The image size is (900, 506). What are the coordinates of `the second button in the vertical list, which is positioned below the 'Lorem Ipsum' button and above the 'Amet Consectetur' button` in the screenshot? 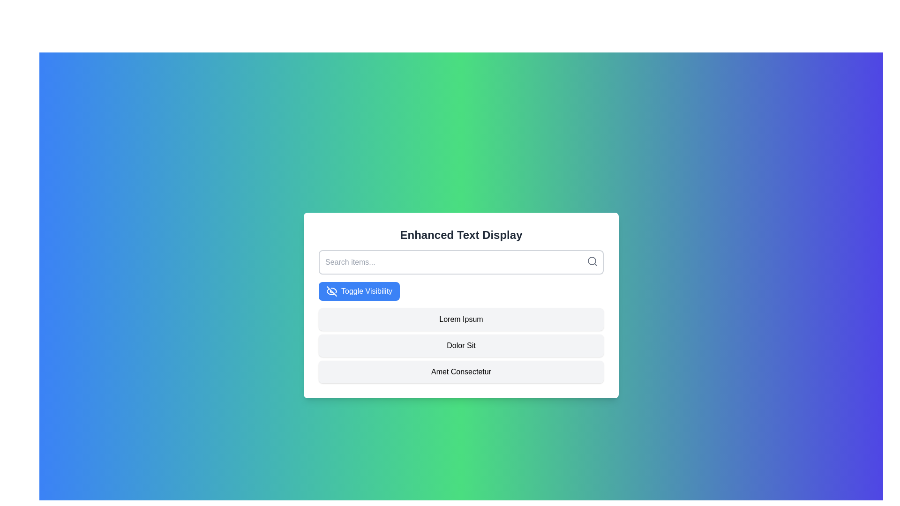 It's located at (461, 345).